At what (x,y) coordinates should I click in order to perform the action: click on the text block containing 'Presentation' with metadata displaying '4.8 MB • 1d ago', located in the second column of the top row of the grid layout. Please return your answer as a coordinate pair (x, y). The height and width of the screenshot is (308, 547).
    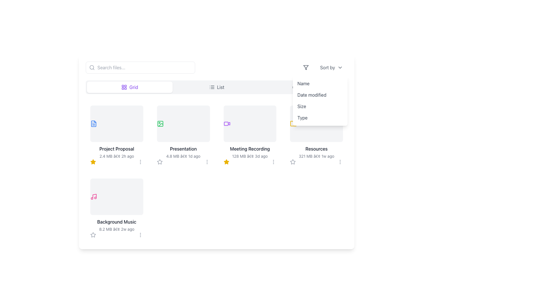
    Looking at the image, I should click on (183, 152).